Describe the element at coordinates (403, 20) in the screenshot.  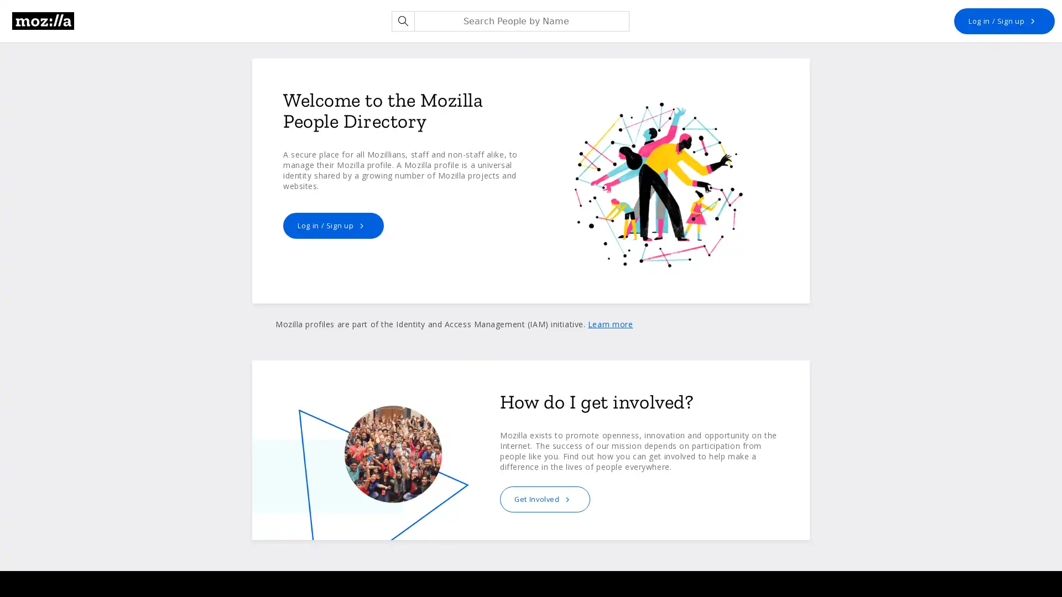
I see `Search` at that location.